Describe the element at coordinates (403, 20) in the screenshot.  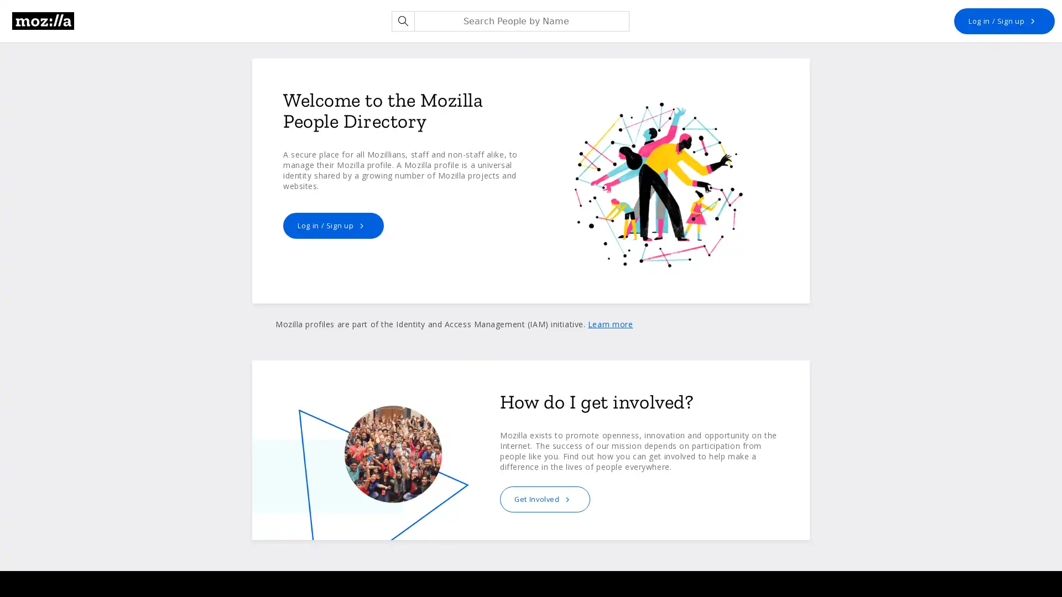
I see `Search` at that location.